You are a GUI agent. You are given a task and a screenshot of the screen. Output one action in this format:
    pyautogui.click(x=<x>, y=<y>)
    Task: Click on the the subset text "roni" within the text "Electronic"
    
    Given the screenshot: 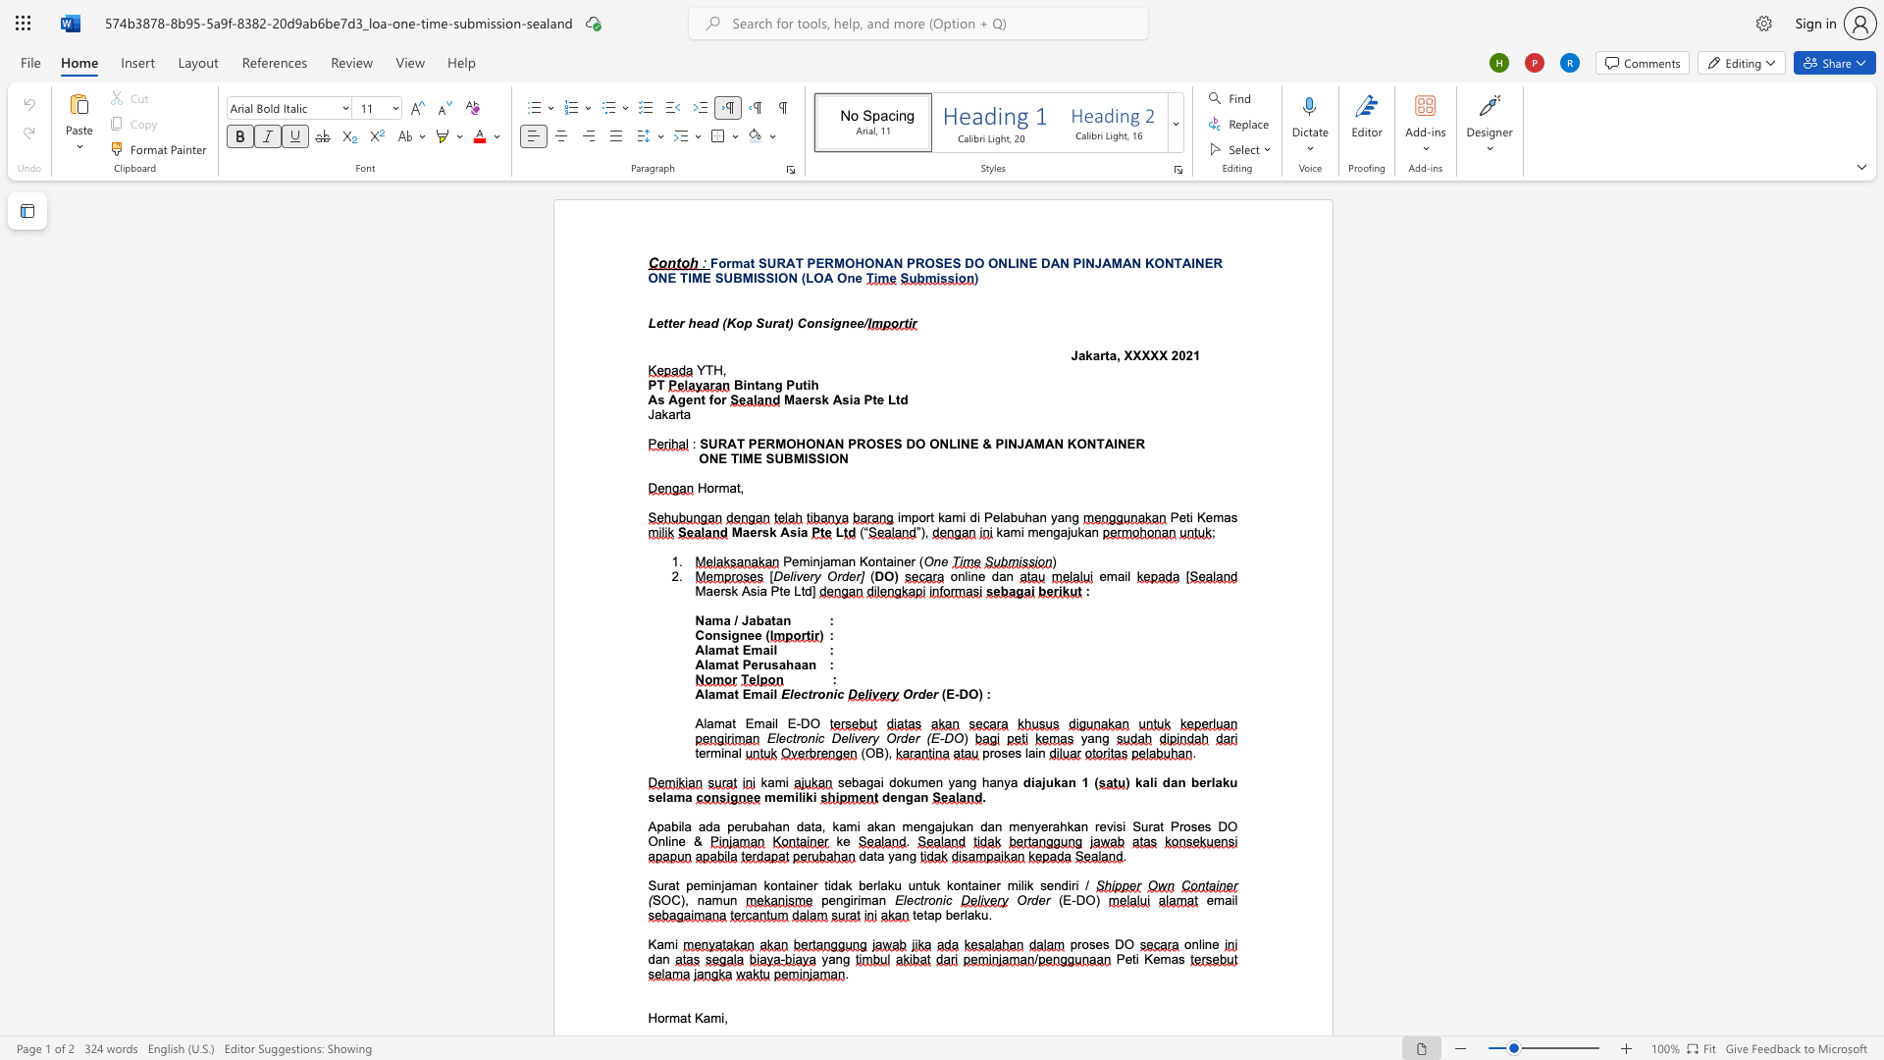 What is the action you would take?
    pyautogui.click(x=811, y=693)
    